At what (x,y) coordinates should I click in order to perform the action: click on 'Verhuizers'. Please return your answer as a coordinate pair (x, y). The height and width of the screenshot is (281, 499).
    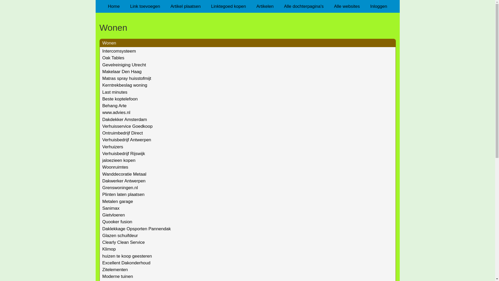
    Looking at the image, I should click on (112, 147).